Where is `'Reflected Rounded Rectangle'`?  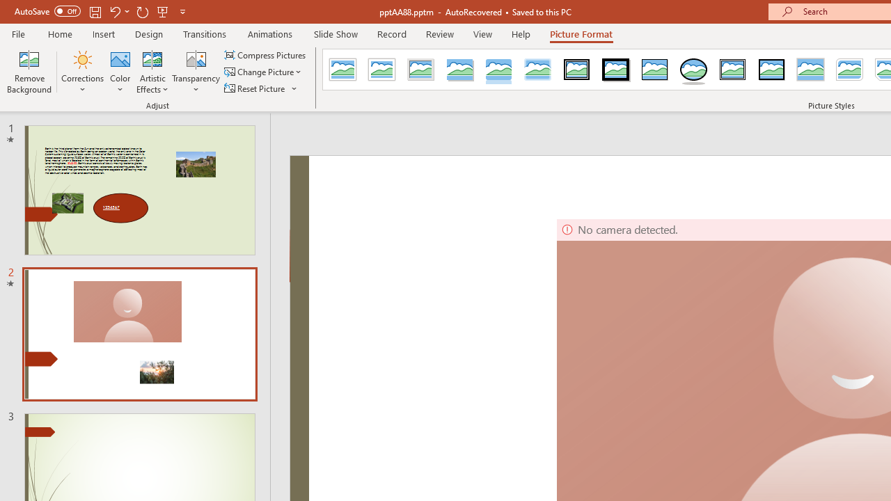 'Reflected Rounded Rectangle' is located at coordinates (498, 70).